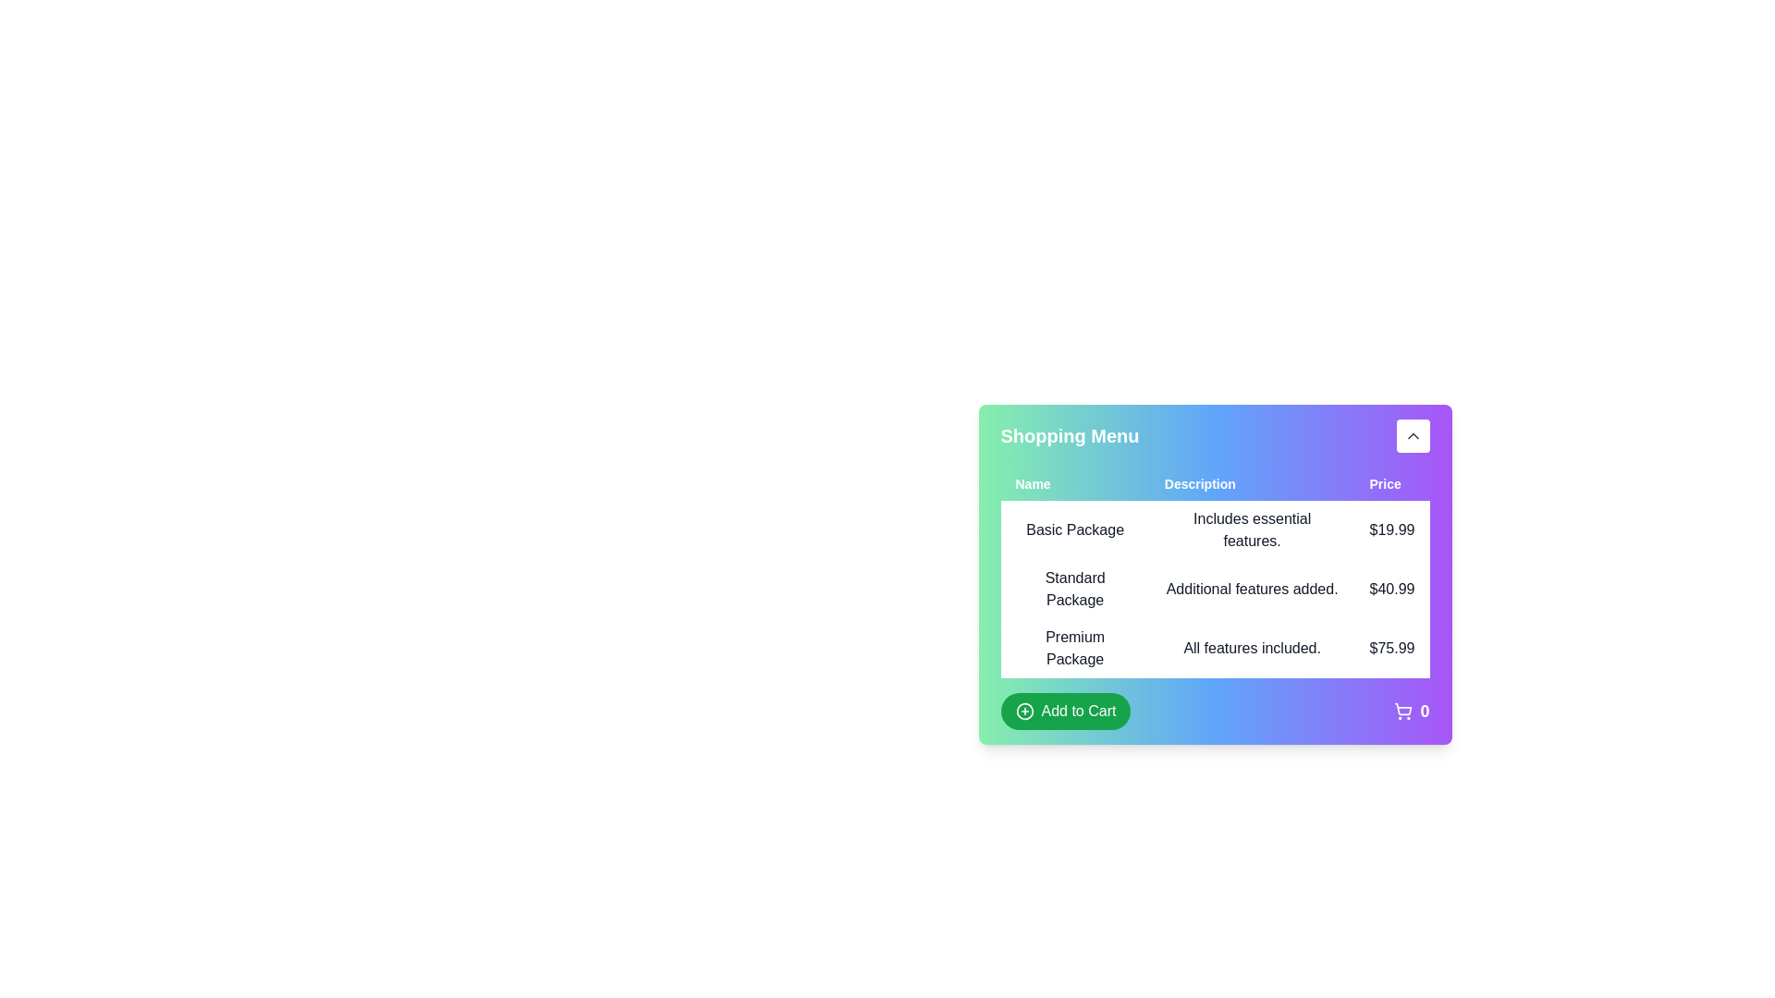 The width and height of the screenshot is (1775, 998). I want to click on the 'Standard Package' list item in the shopping menu, so click(1215, 589).